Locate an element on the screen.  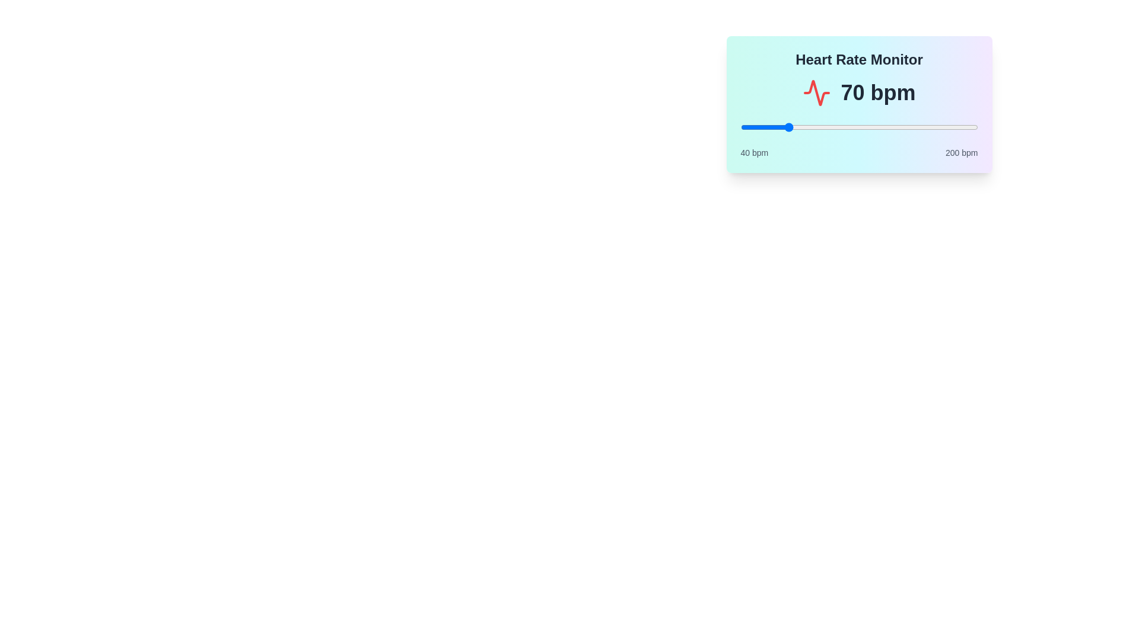
the heart rate slider to 141 bpm is located at coordinates (890, 127).